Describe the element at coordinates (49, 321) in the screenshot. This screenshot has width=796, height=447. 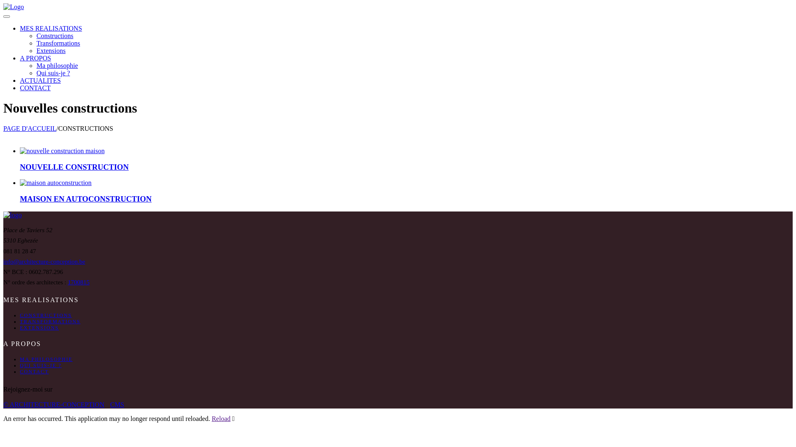
I see `'TRANSFORMATIONS'` at that location.